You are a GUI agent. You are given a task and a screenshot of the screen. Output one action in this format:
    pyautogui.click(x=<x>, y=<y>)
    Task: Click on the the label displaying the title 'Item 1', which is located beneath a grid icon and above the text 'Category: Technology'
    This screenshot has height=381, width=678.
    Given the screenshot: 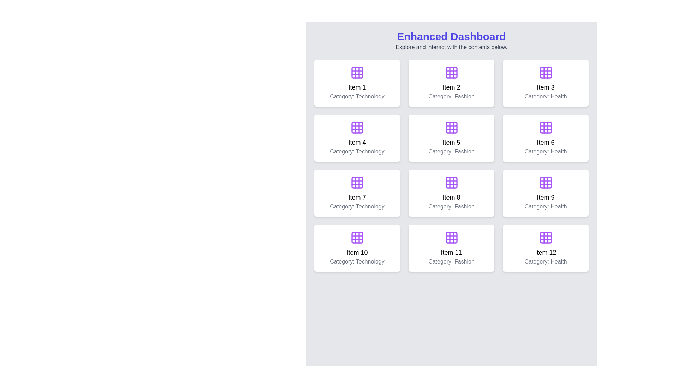 What is the action you would take?
    pyautogui.click(x=357, y=87)
    